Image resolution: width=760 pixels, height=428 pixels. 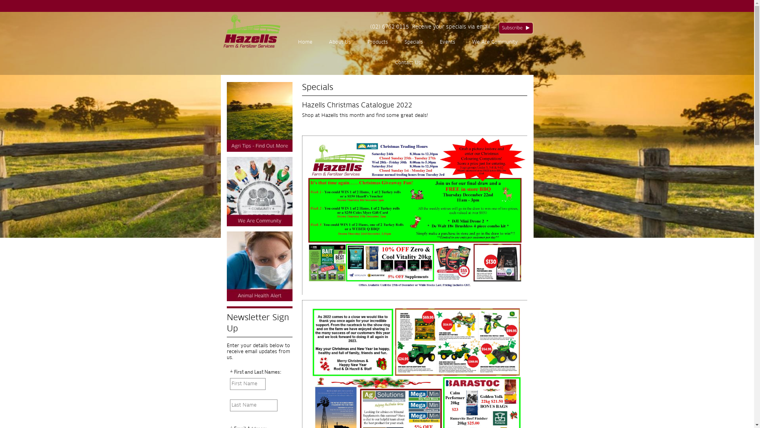 I want to click on 'About Us', so click(x=321, y=42).